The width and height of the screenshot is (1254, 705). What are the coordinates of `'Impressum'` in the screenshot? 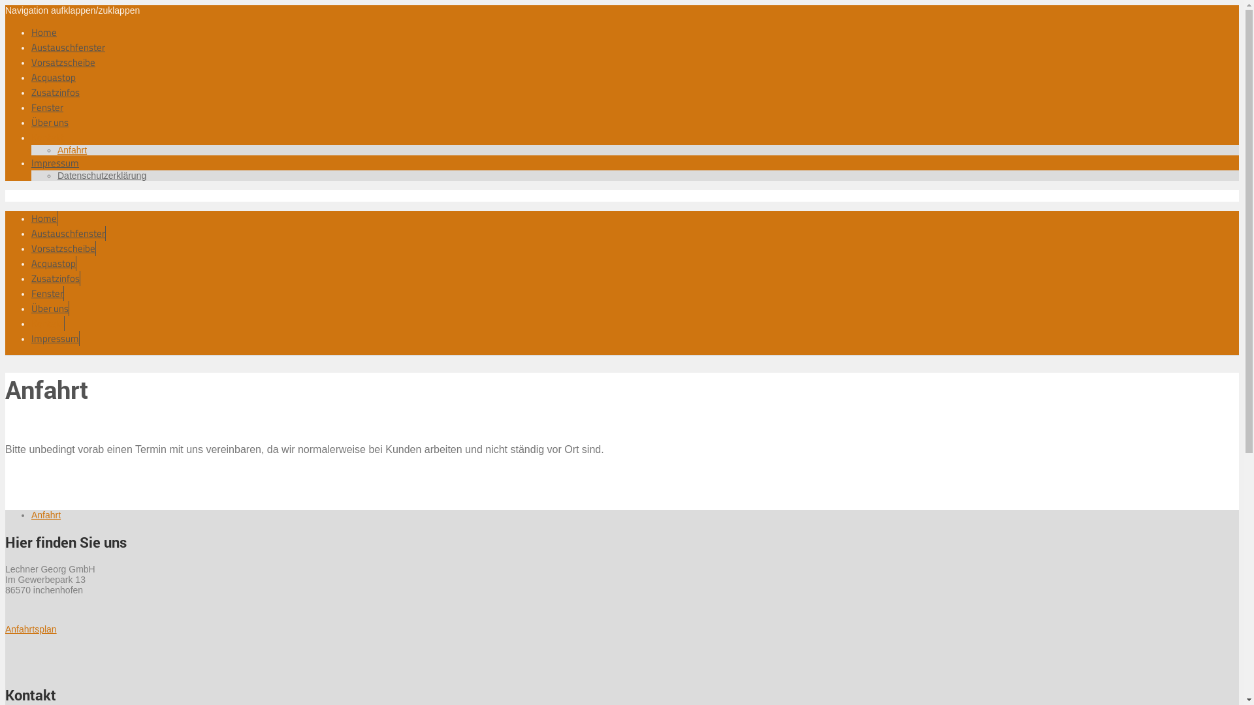 It's located at (31, 162).